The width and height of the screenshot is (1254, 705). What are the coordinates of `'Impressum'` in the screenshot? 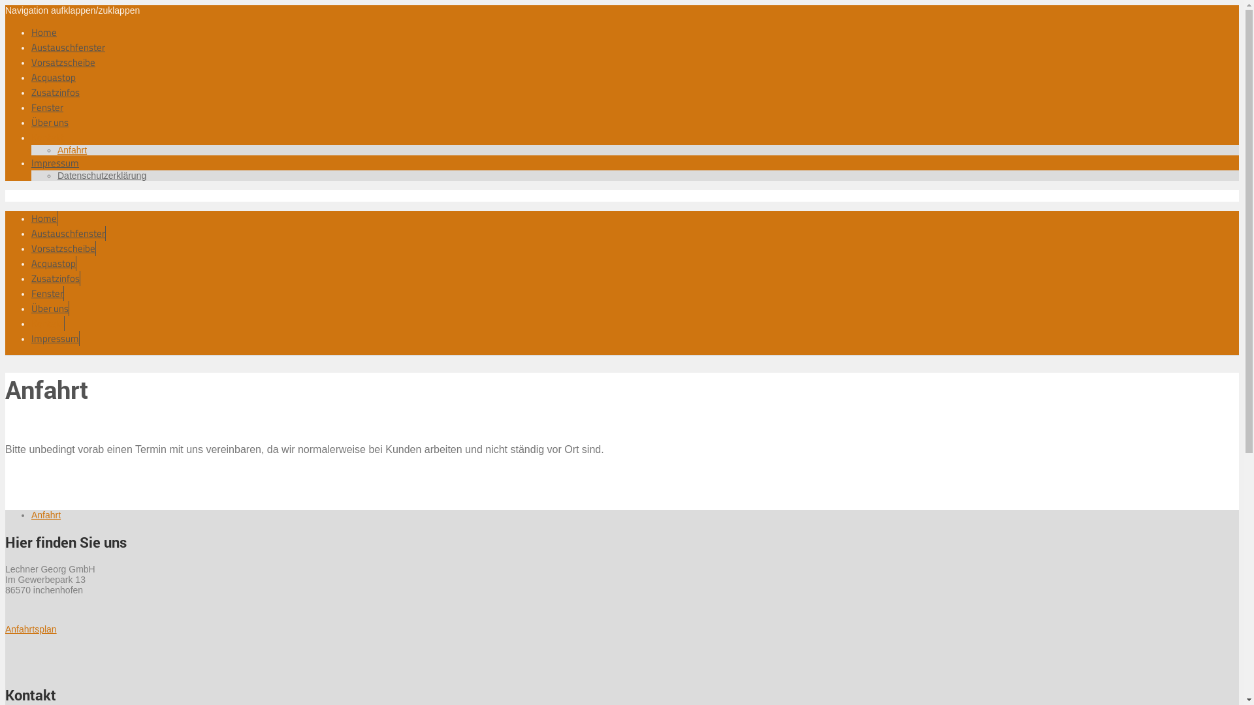 It's located at (31, 162).